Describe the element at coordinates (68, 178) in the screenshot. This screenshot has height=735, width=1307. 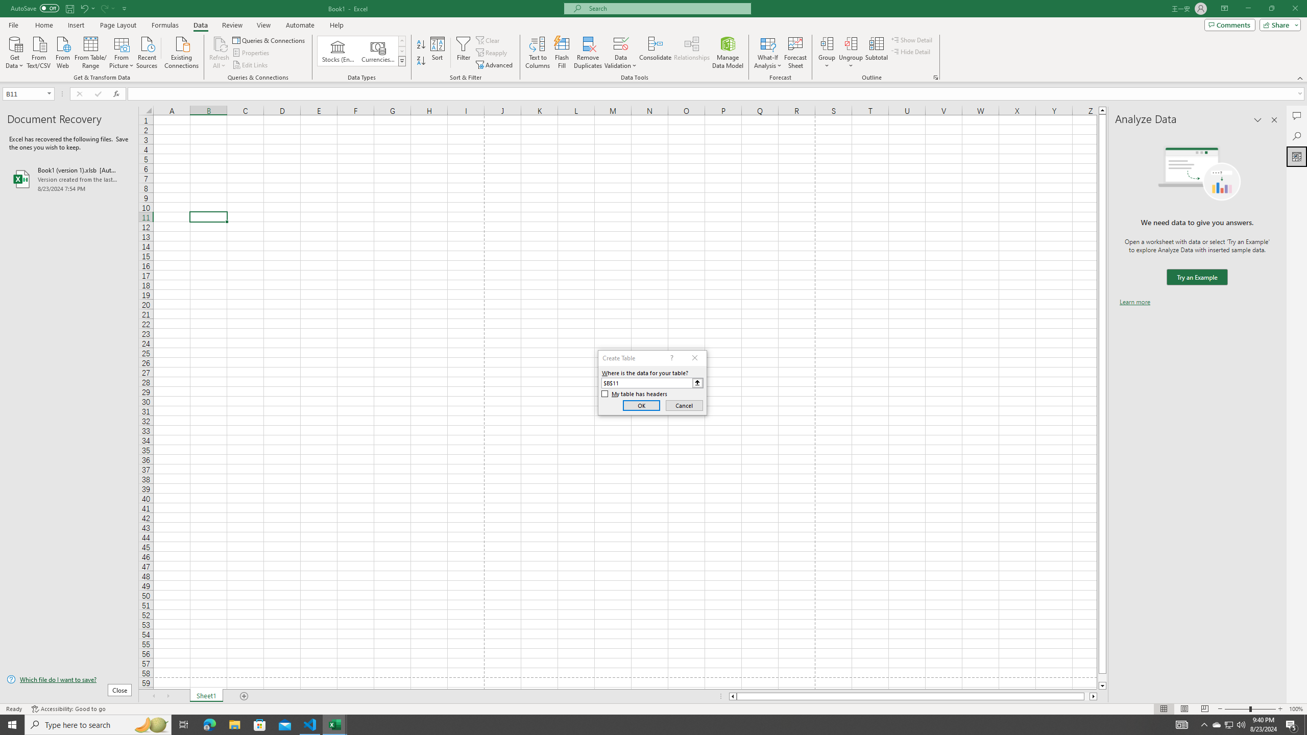
I see `'Book1 (version 1).xlsb  [AutoRecovered]'` at that location.